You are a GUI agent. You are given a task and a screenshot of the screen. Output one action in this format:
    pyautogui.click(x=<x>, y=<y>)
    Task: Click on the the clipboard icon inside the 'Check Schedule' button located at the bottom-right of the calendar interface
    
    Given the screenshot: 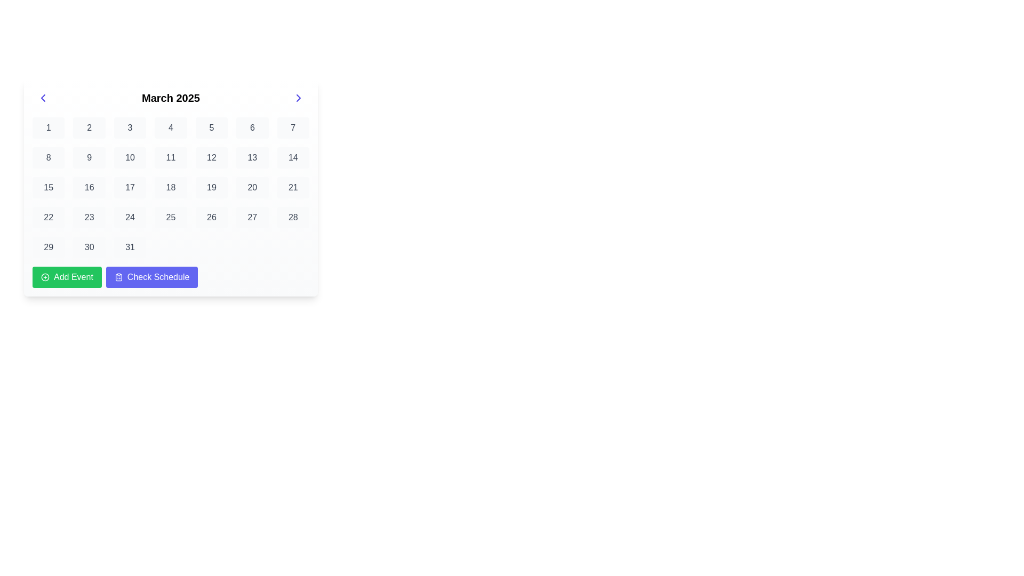 What is the action you would take?
    pyautogui.click(x=118, y=277)
    